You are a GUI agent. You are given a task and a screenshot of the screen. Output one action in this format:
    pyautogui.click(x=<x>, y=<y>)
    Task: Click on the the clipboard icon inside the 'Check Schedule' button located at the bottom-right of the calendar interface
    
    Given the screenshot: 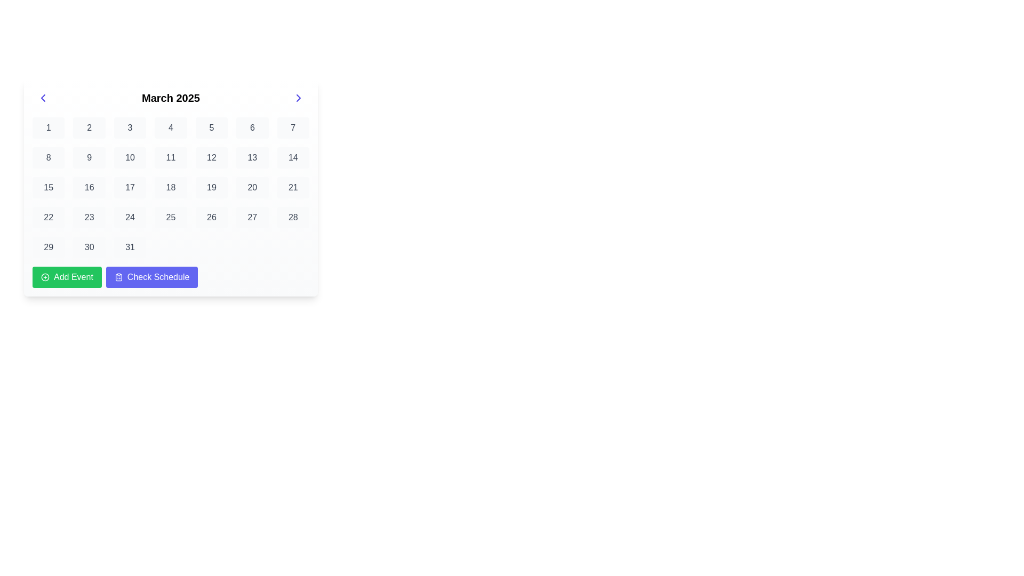 What is the action you would take?
    pyautogui.click(x=118, y=277)
    